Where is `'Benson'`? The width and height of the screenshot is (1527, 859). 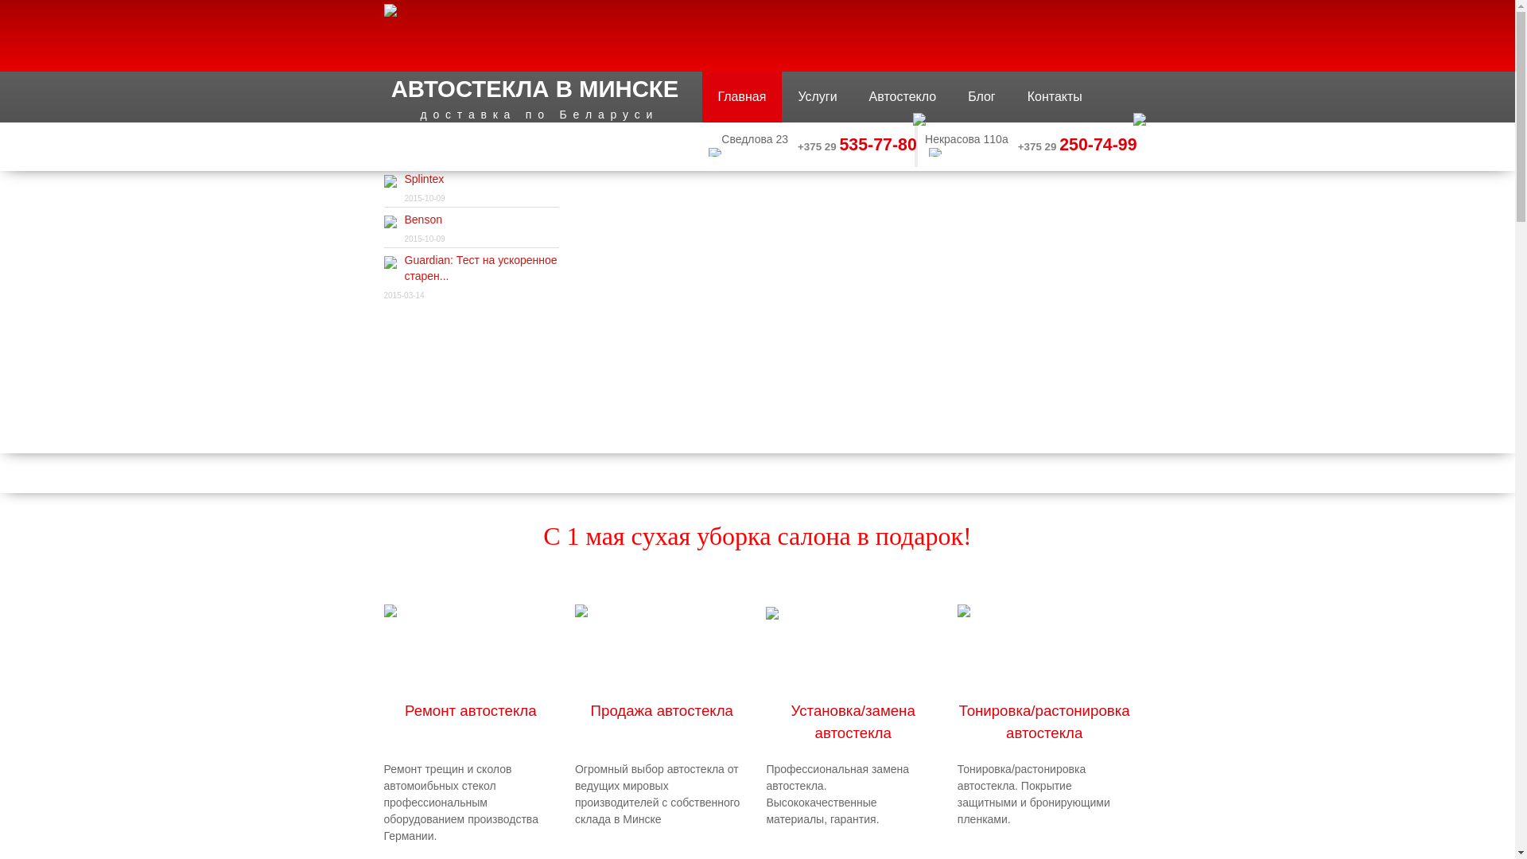
'Benson' is located at coordinates (383, 223).